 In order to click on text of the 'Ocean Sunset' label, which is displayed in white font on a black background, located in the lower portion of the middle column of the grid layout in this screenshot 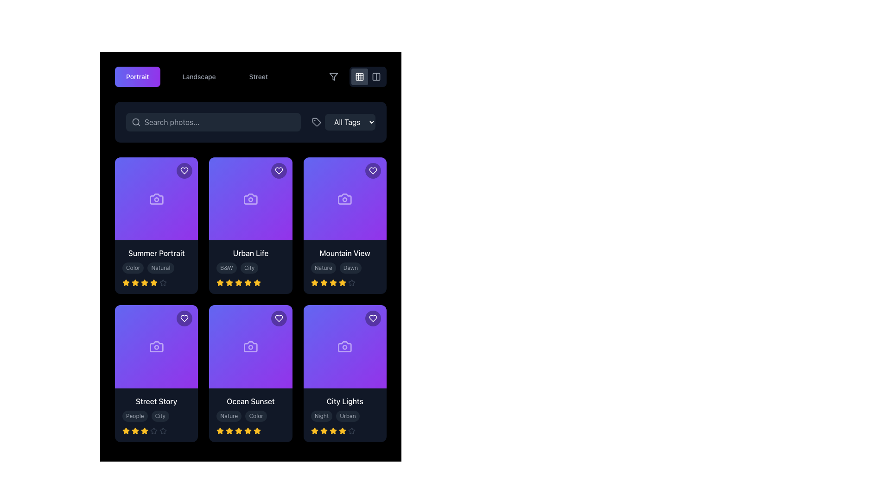, I will do `click(251, 400)`.